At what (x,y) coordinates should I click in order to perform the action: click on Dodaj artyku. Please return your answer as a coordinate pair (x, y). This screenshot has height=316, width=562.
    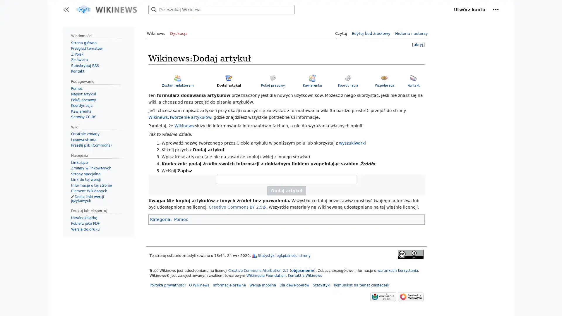
    Looking at the image, I should click on (286, 190).